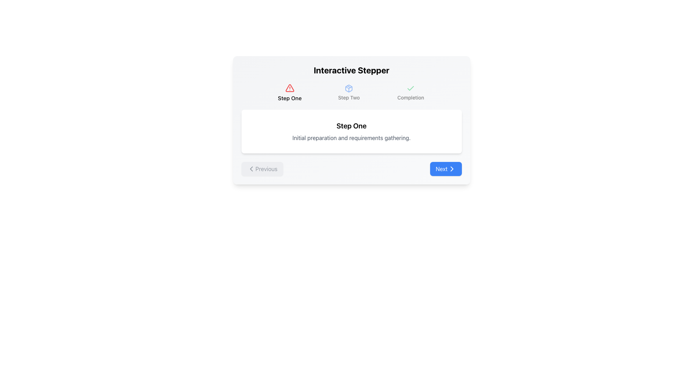 The width and height of the screenshot is (678, 381). Describe the element at coordinates (351, 92) in the screenshot. I see `the Step navigation indicator representing 'Step Two' in the horizontal stepper interface to highlight it` at that location.